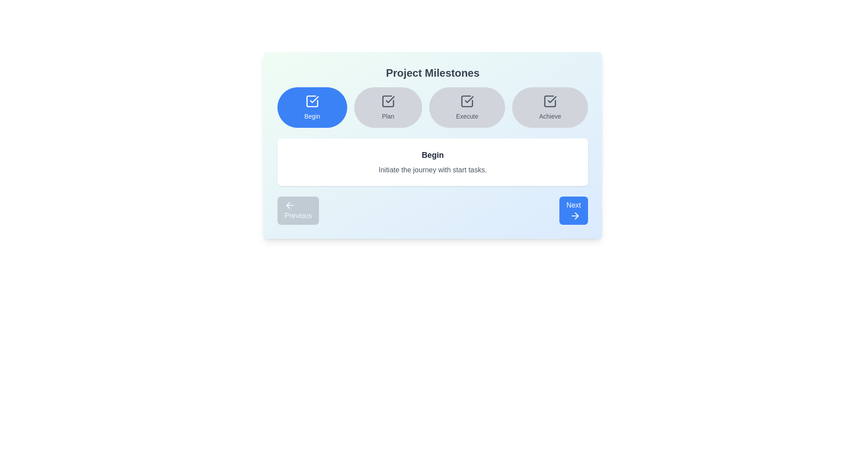 This screenshot has height=476, width=847. What do you see at coordinates (573, 211) in the screenshot?
I see `the 'Next' button which has a blue background, rounded corners, and white text with a right-pointing arrow` at bounding box center [573, 211].